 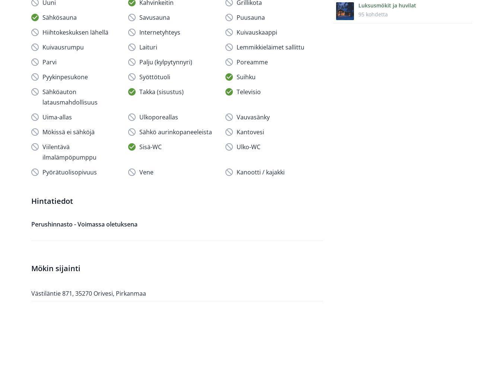 I want to click on 'Mökissä ei sähköjä', so click(x=68, y=132).